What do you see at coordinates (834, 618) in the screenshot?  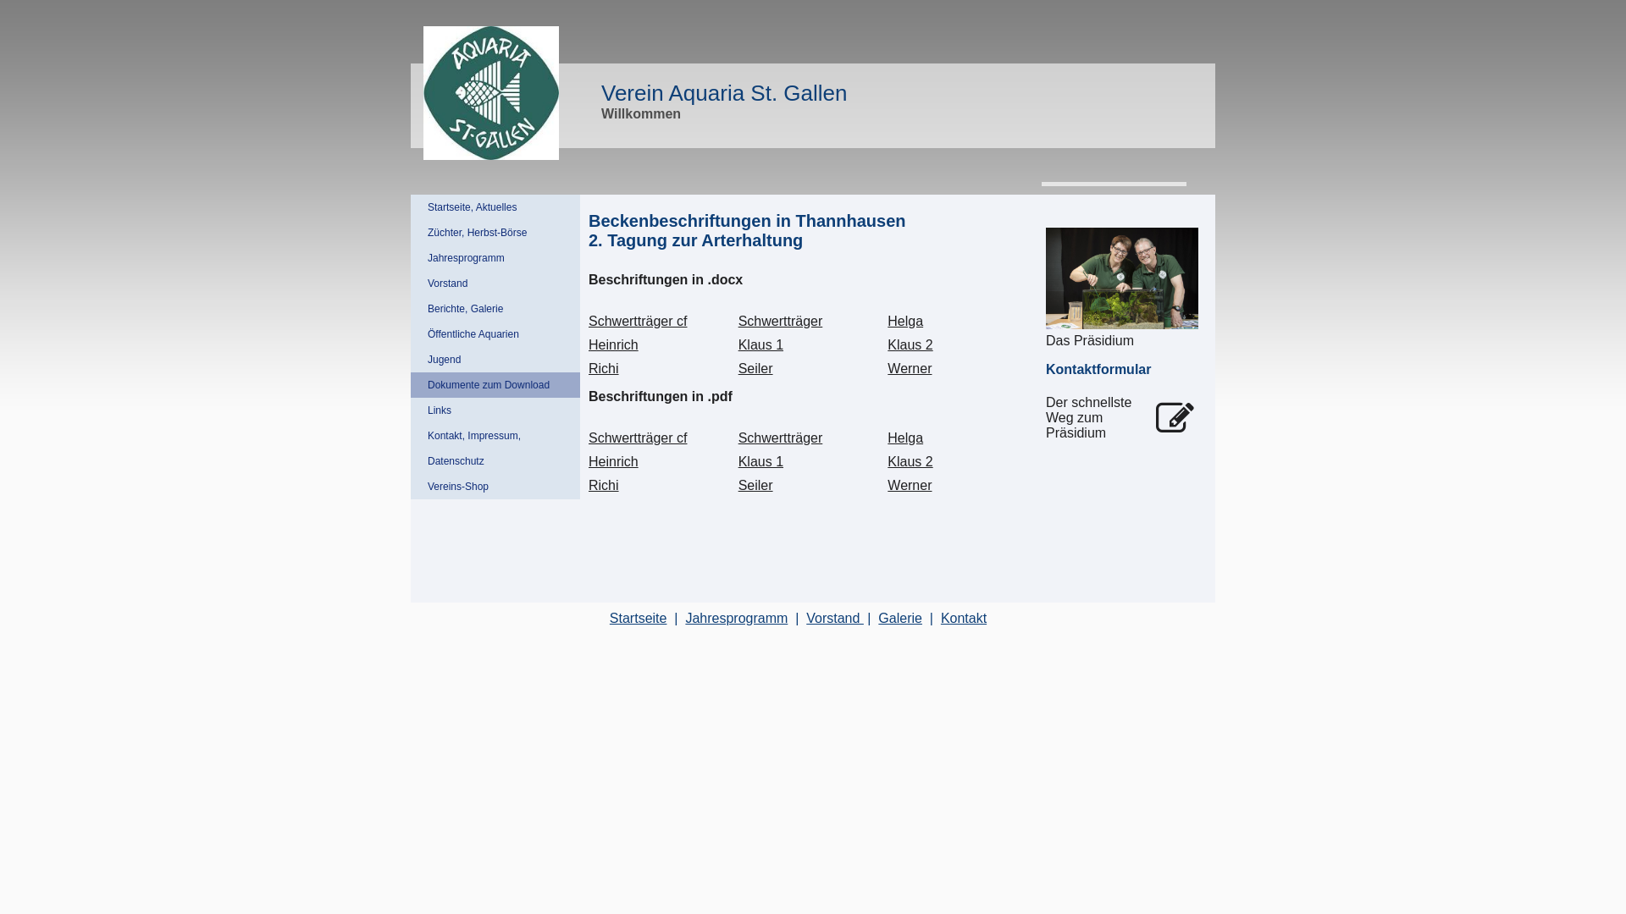 I see `'Vorstand '` at bounding box center [834, 618].